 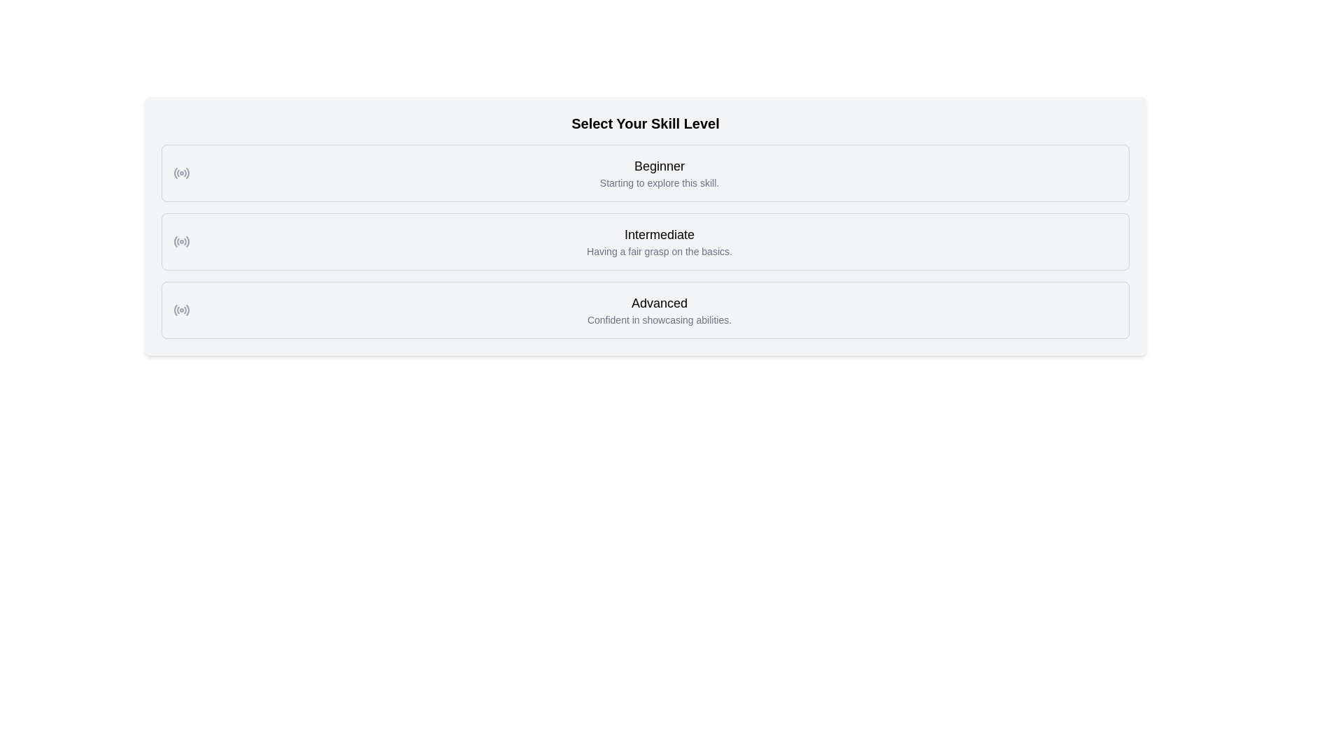 I want to click on the gray circular radio button icon located to the left of the text 'Intermediate', so click(x=180, y=241).